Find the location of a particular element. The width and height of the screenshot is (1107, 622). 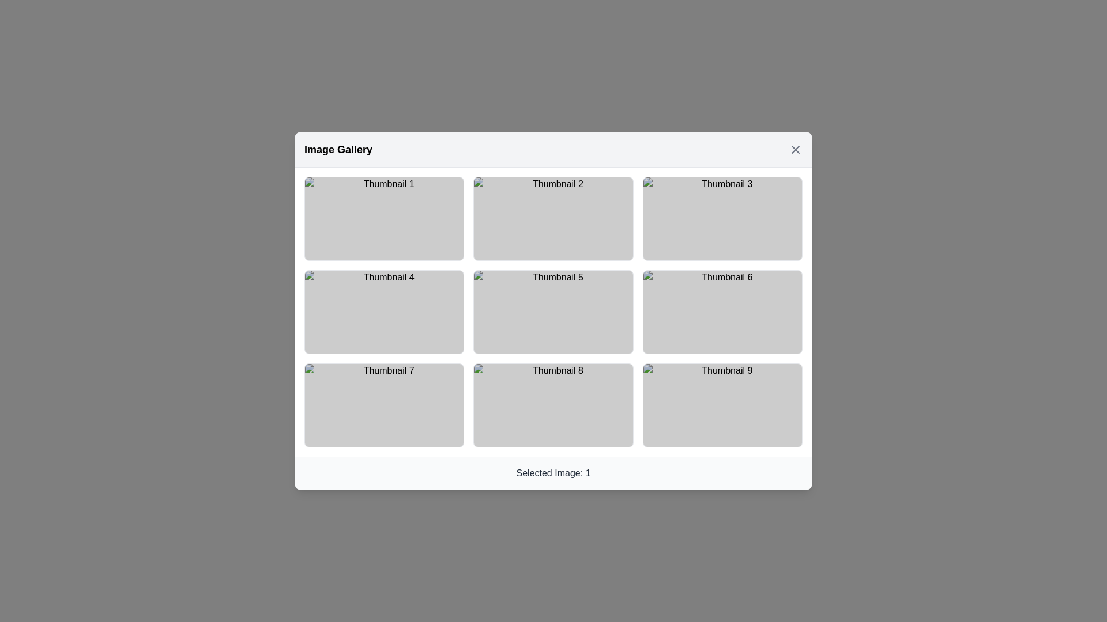

the text label displaying 'Selected Image: 1' located at the bottom center of the modal window is located at coordinates (553, 473).